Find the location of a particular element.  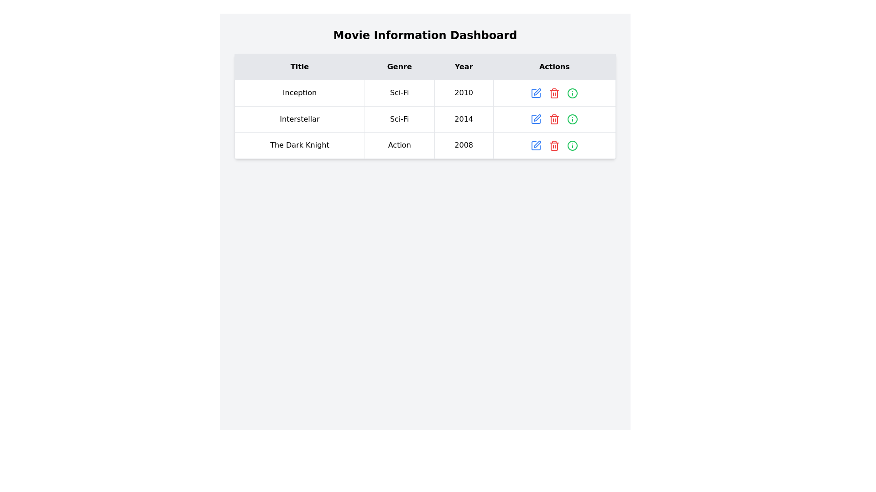

the Icon button in the Actions column of the third row that provides additional information about 'The Dark Knight' is located at coordinates (572, 145).